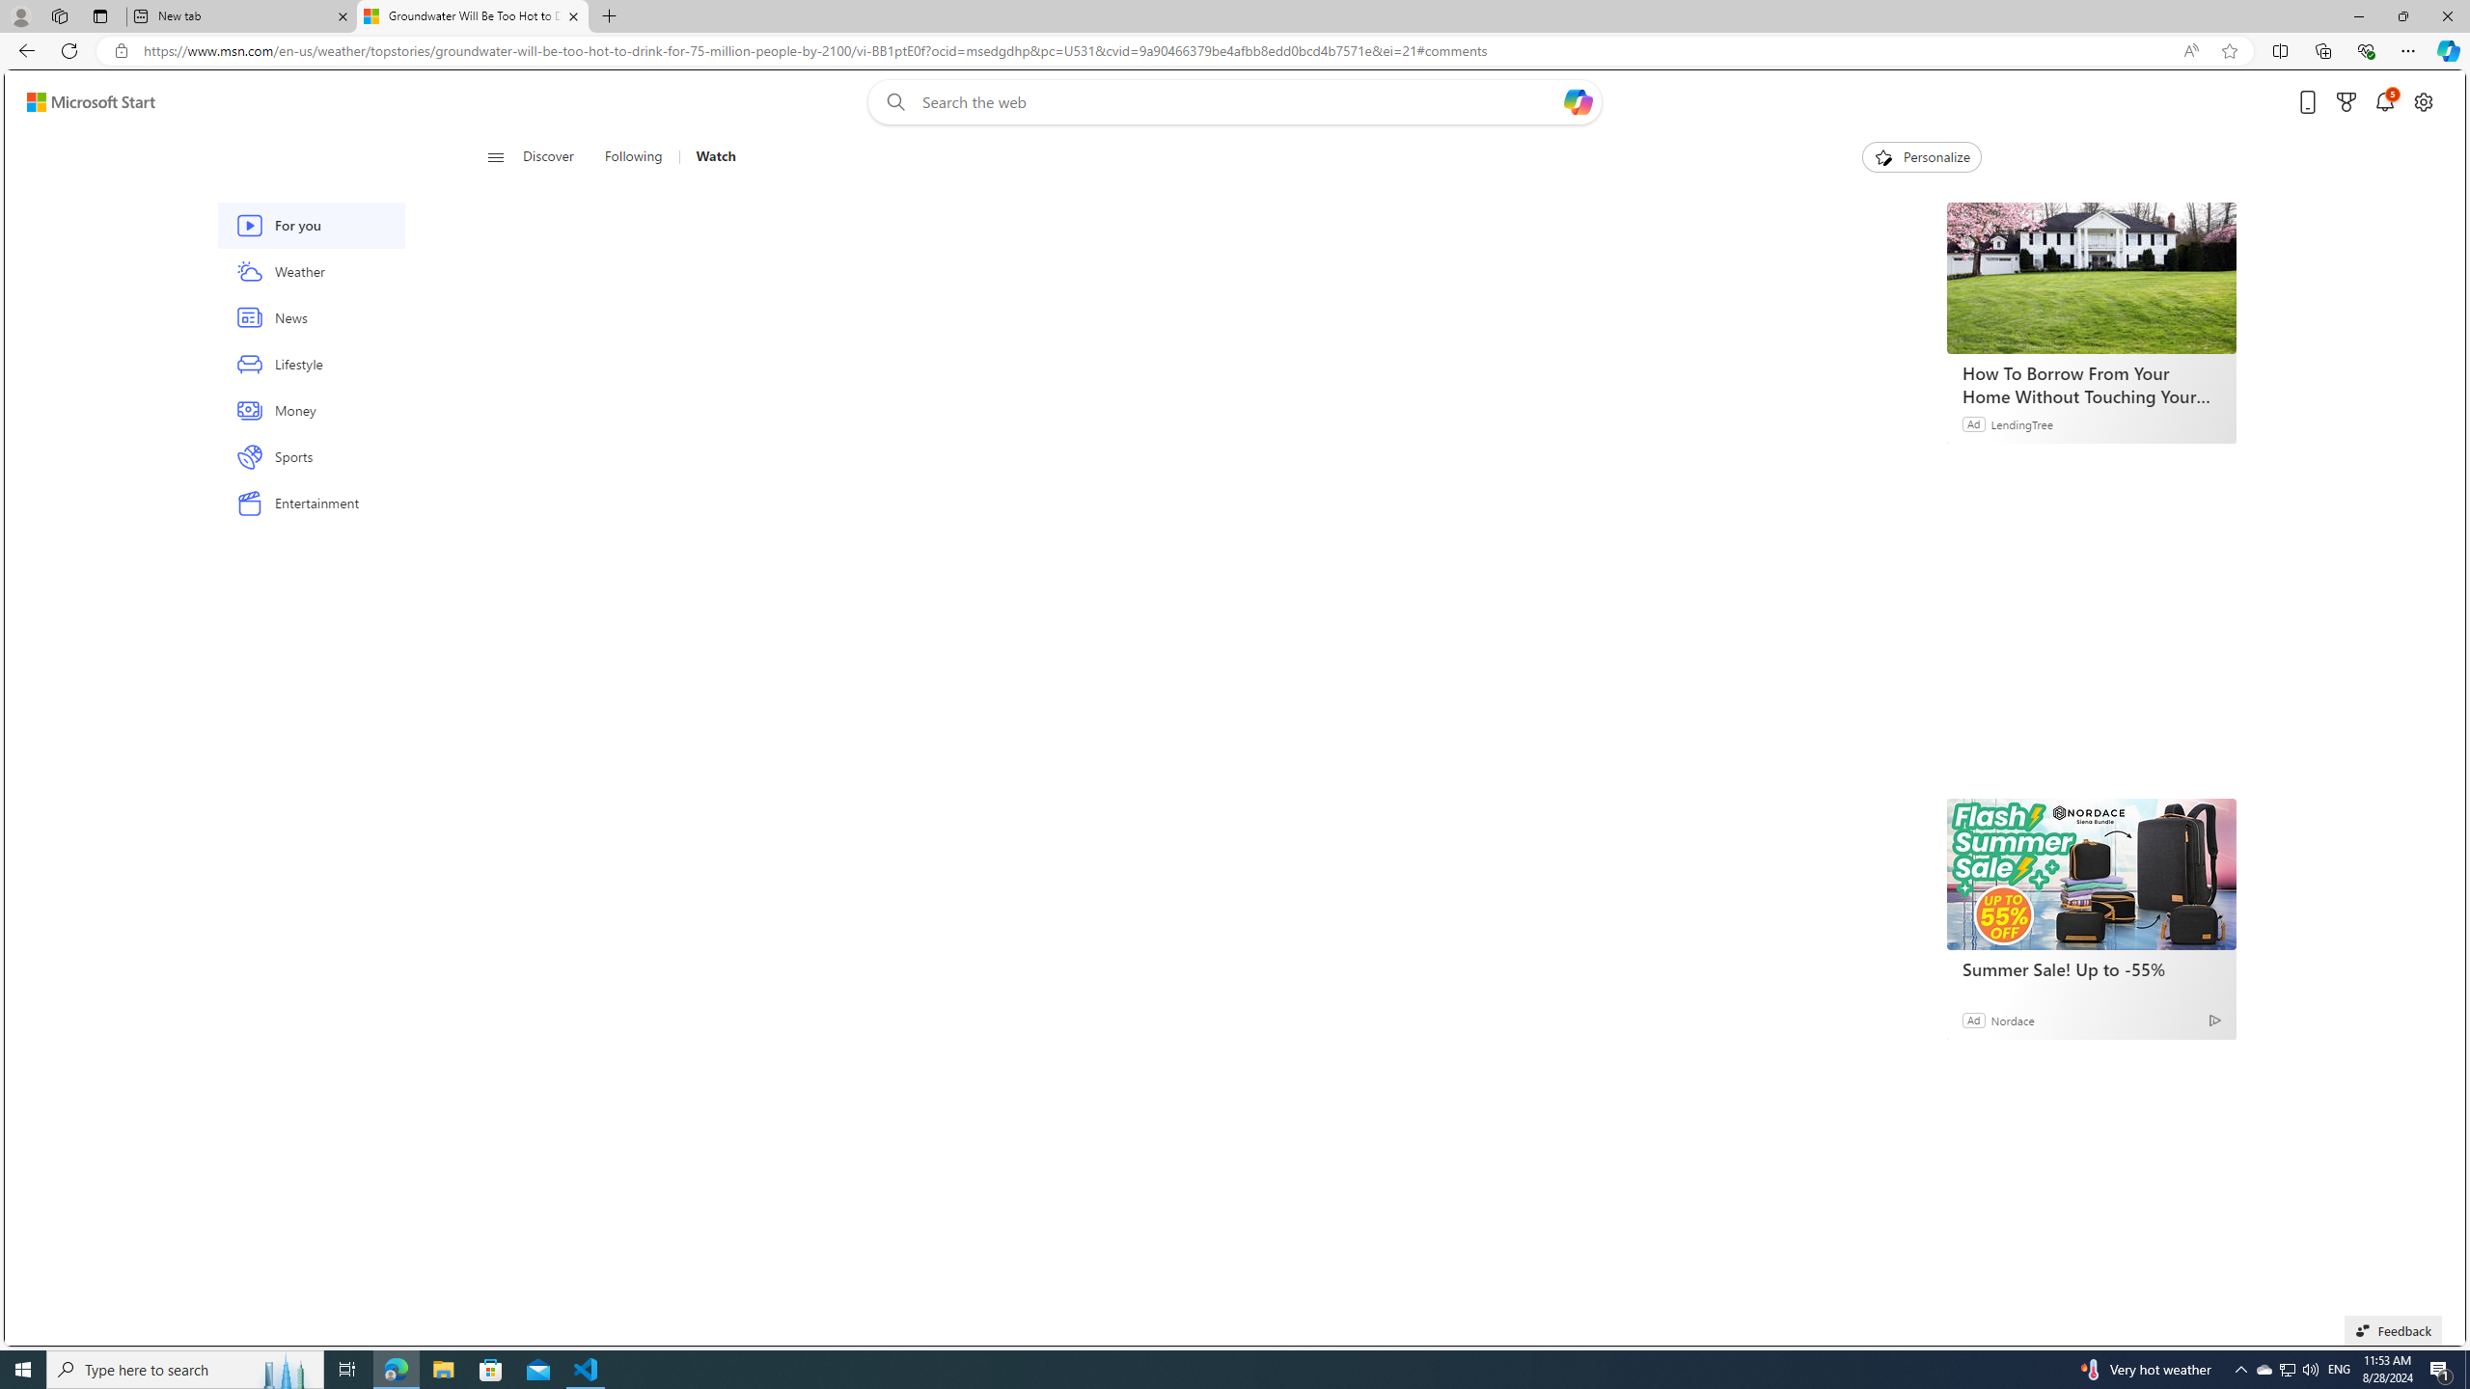 The image size is (2470, 1389). I want to click on 'Microsoft rewards', so click(2346, 102).